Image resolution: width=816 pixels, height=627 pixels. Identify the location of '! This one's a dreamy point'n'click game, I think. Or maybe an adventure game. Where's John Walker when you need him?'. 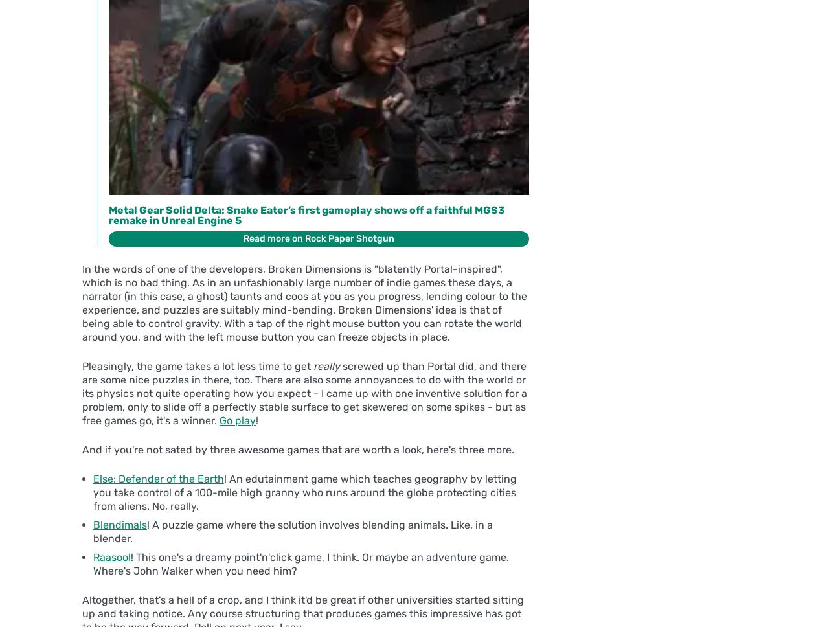
(93, 564).